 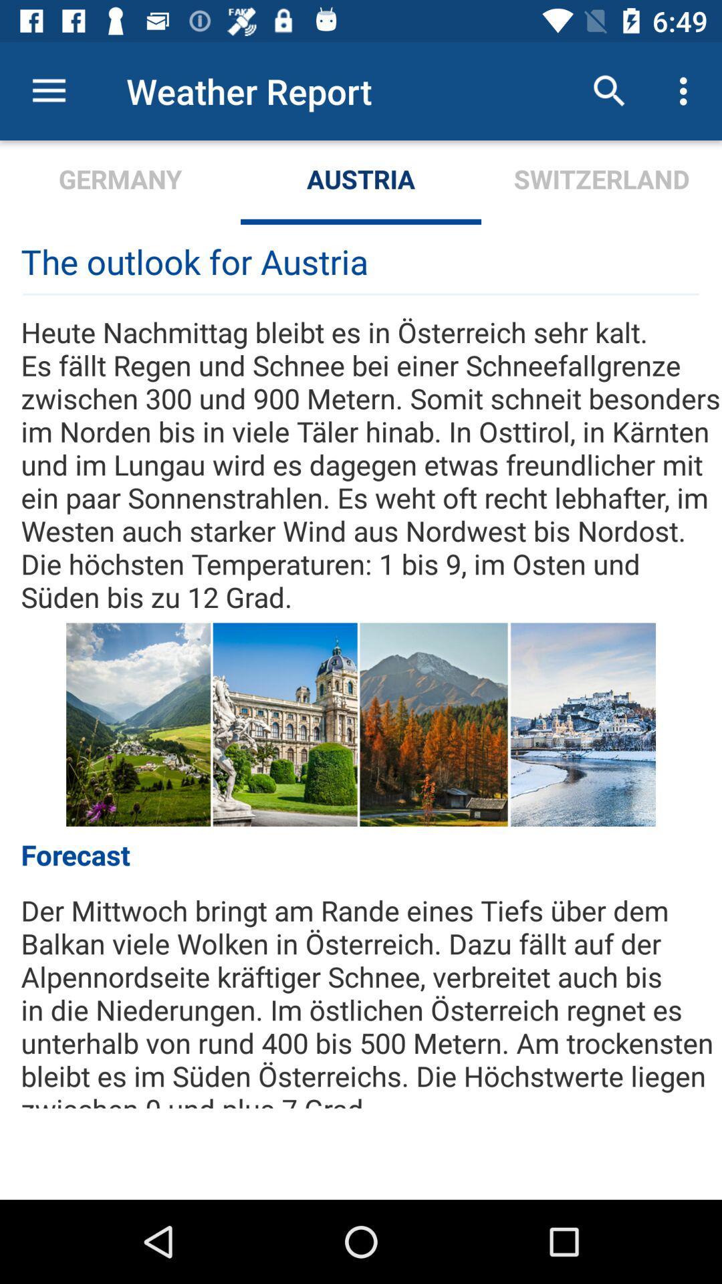 I want to click on the item next to the weather report, so click(x=48, y=90).